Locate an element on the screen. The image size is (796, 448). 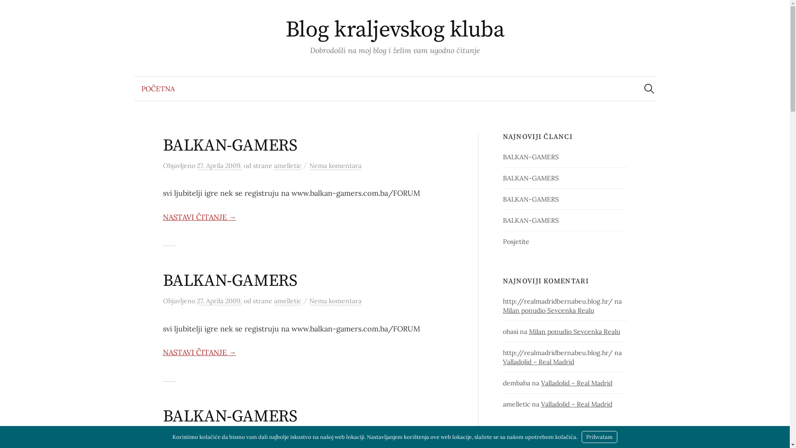
'Blog kraljevskog kluba' is located at coordinates (394, 29).